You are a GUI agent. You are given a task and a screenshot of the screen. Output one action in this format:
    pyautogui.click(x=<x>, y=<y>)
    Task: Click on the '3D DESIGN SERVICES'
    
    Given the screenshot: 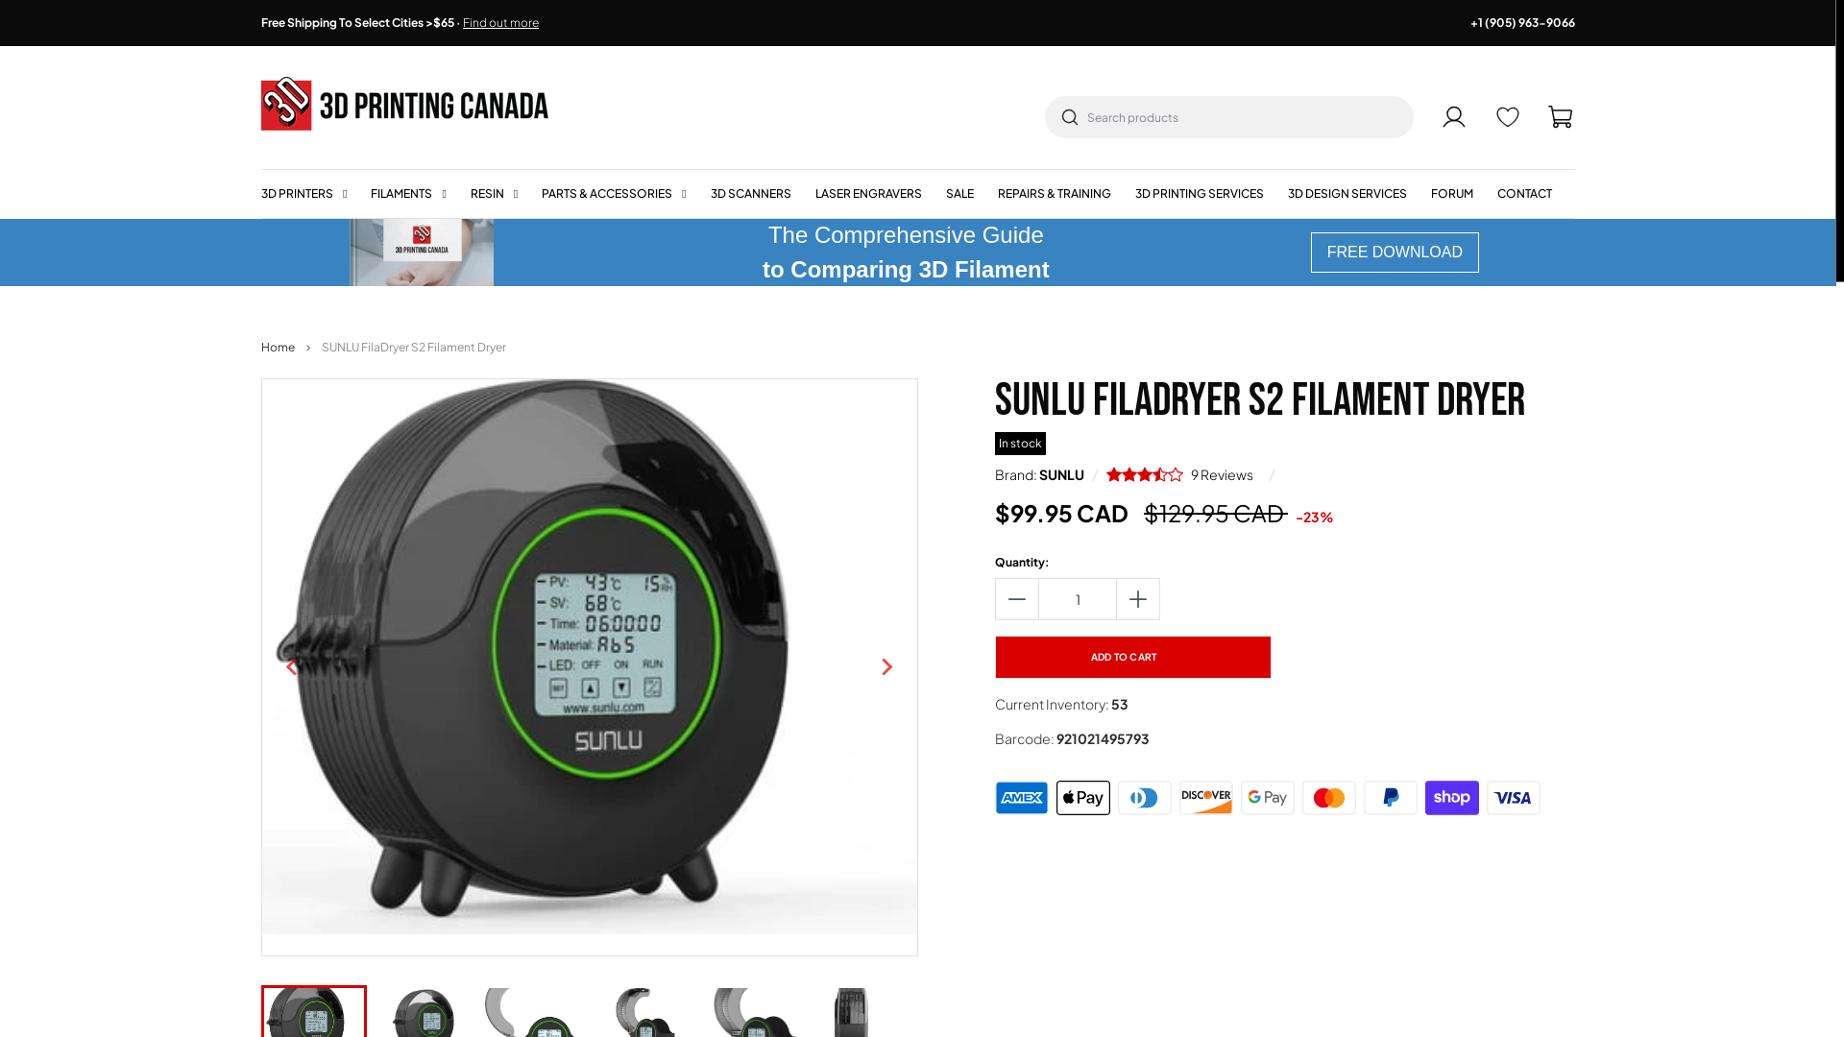 What is the action you would take?
    pyautogui.click(x=1346, y=193)
    